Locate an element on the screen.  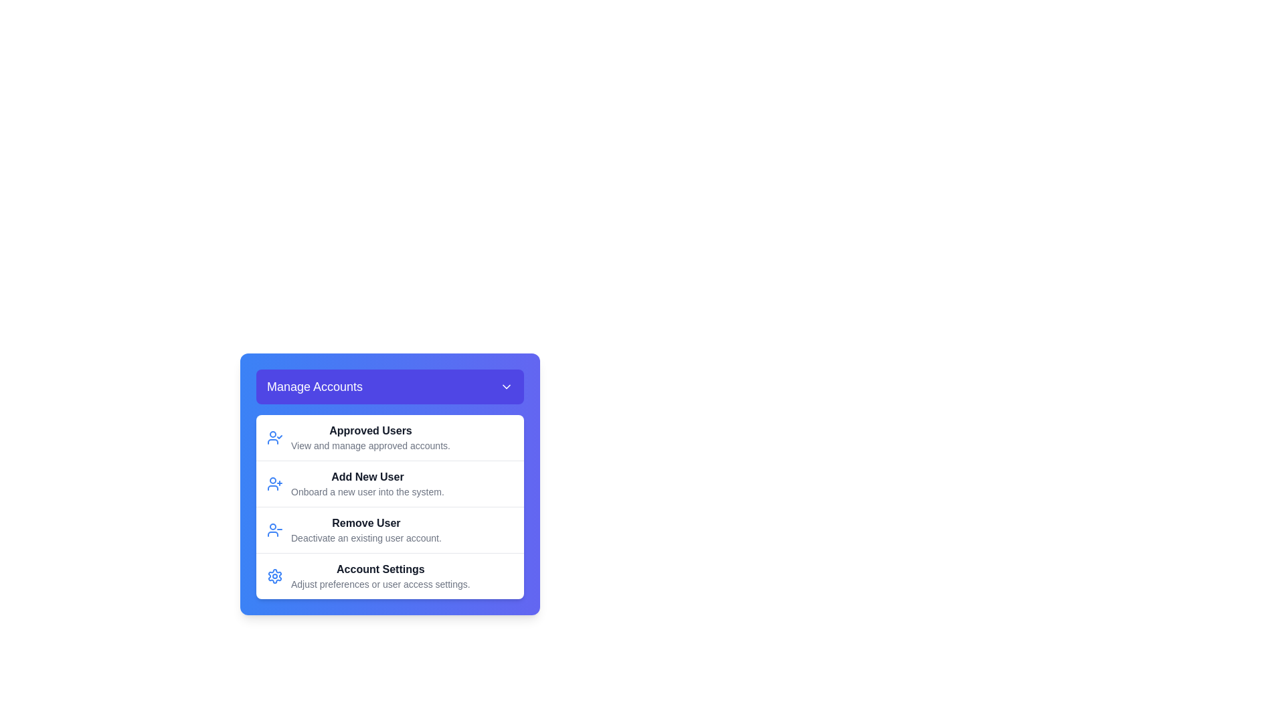
bold text label stating 'Approved Users' which is positioned above the description 'View and manage approved accounts' in the 'Manage Accounts' section is located at coordinates (370, 431).